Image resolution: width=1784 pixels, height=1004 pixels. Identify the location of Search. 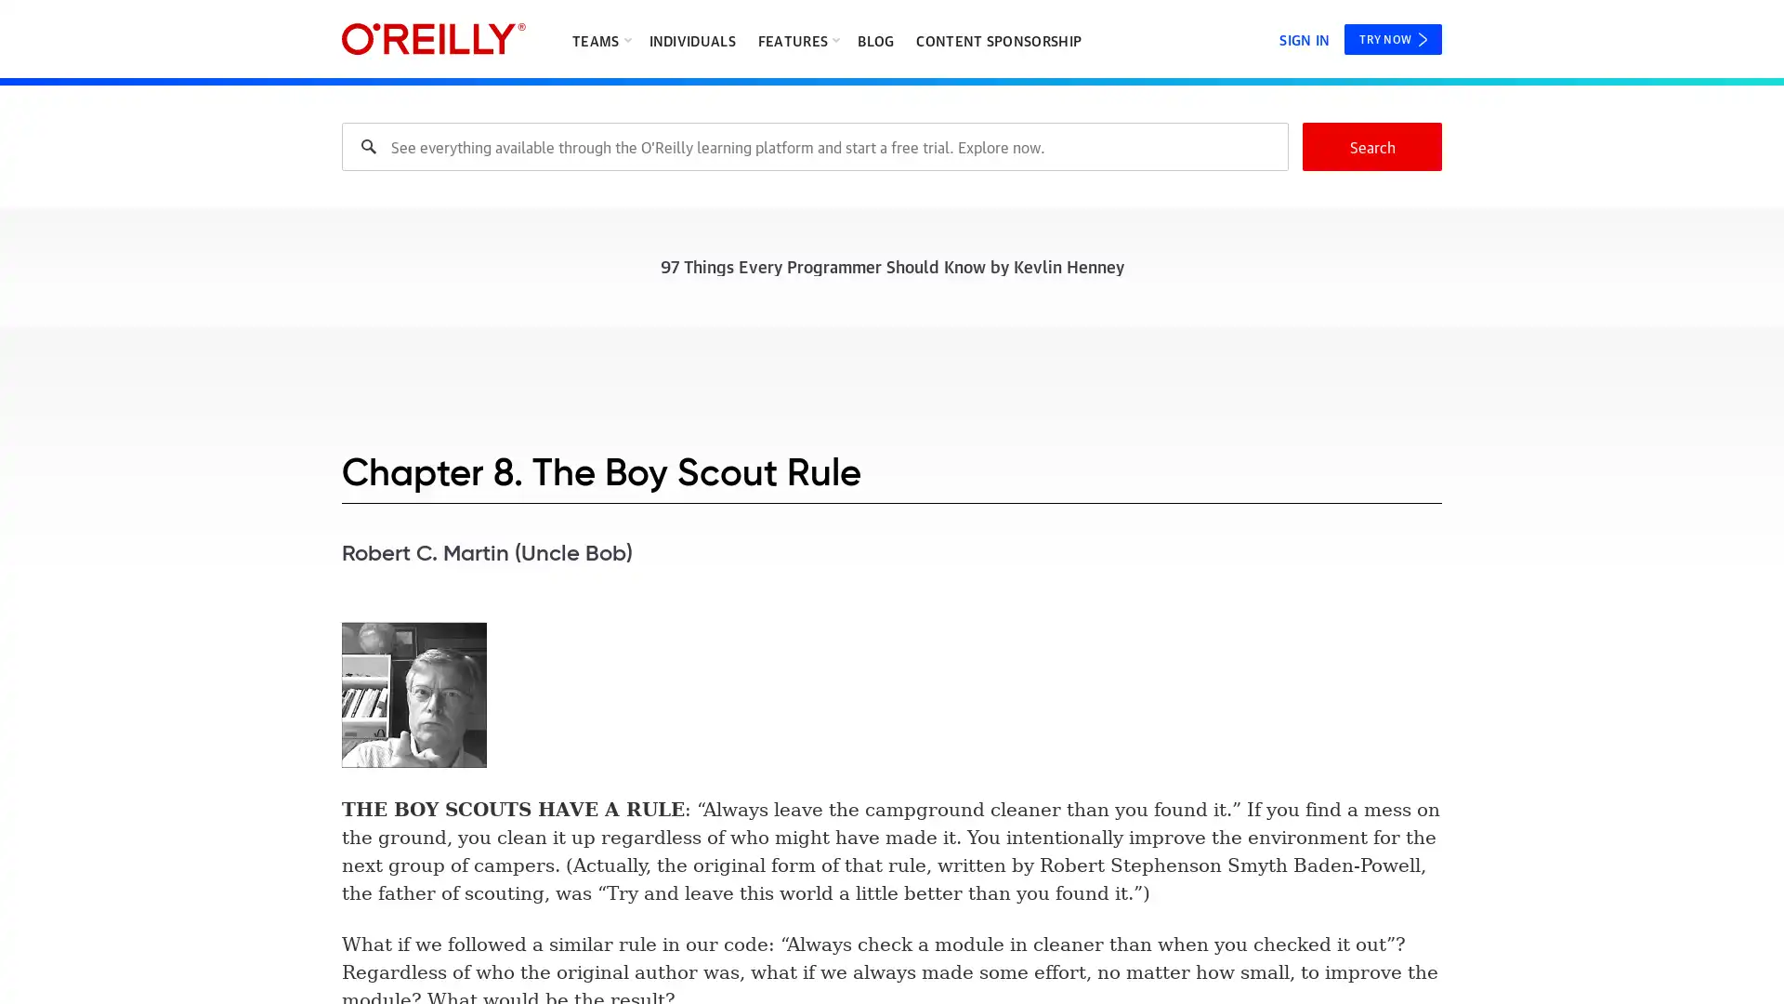
(1372, 146).